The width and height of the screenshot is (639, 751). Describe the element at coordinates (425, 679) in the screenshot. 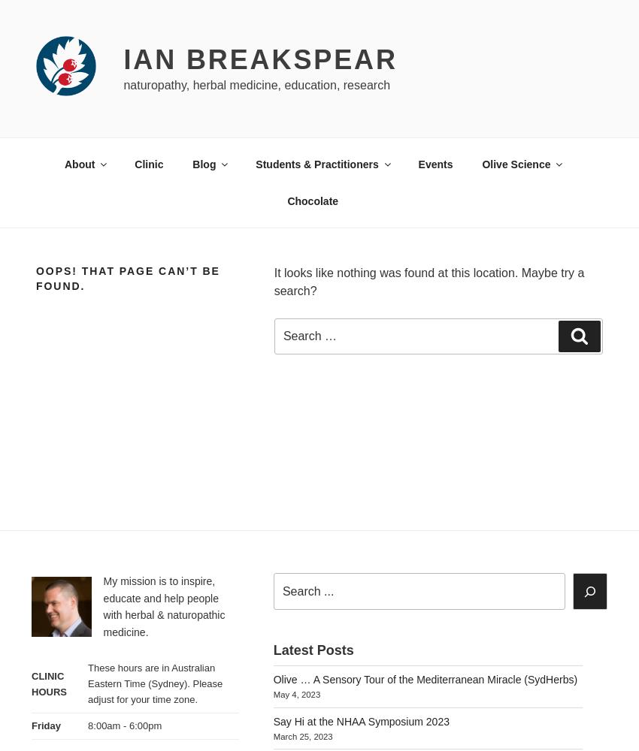

I see `'Olive … A Sensory Tour of the Mediterranean Miracle (SydHerbs)'` at that location.